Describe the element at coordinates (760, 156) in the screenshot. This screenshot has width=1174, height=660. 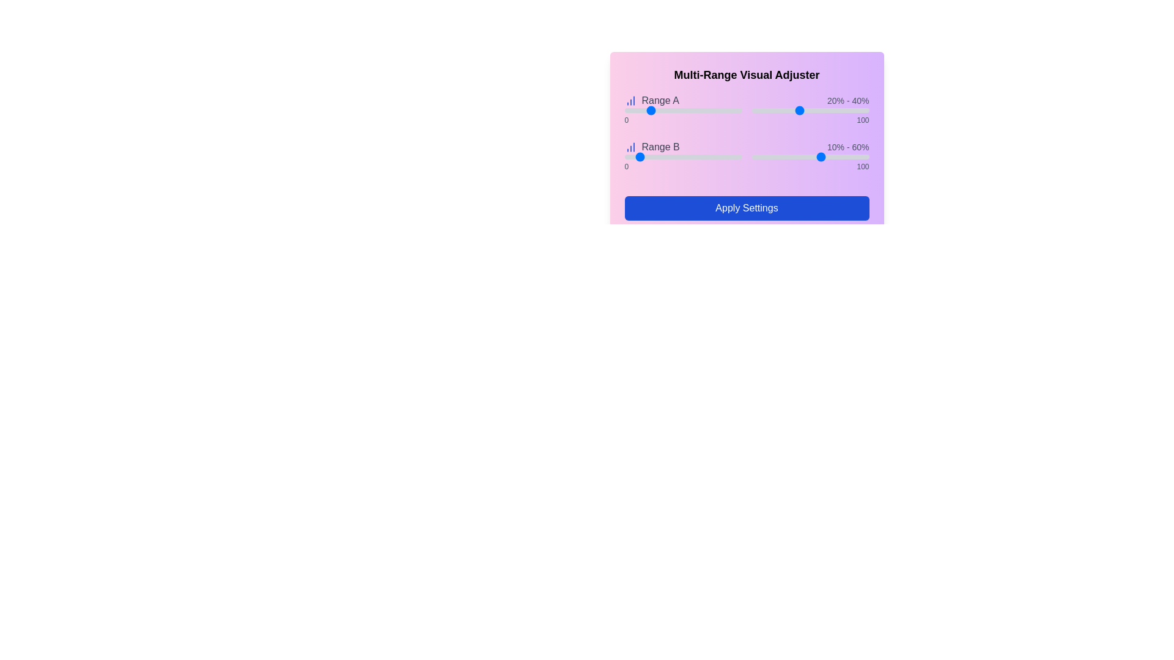
I see `the Range B slider` at that location.